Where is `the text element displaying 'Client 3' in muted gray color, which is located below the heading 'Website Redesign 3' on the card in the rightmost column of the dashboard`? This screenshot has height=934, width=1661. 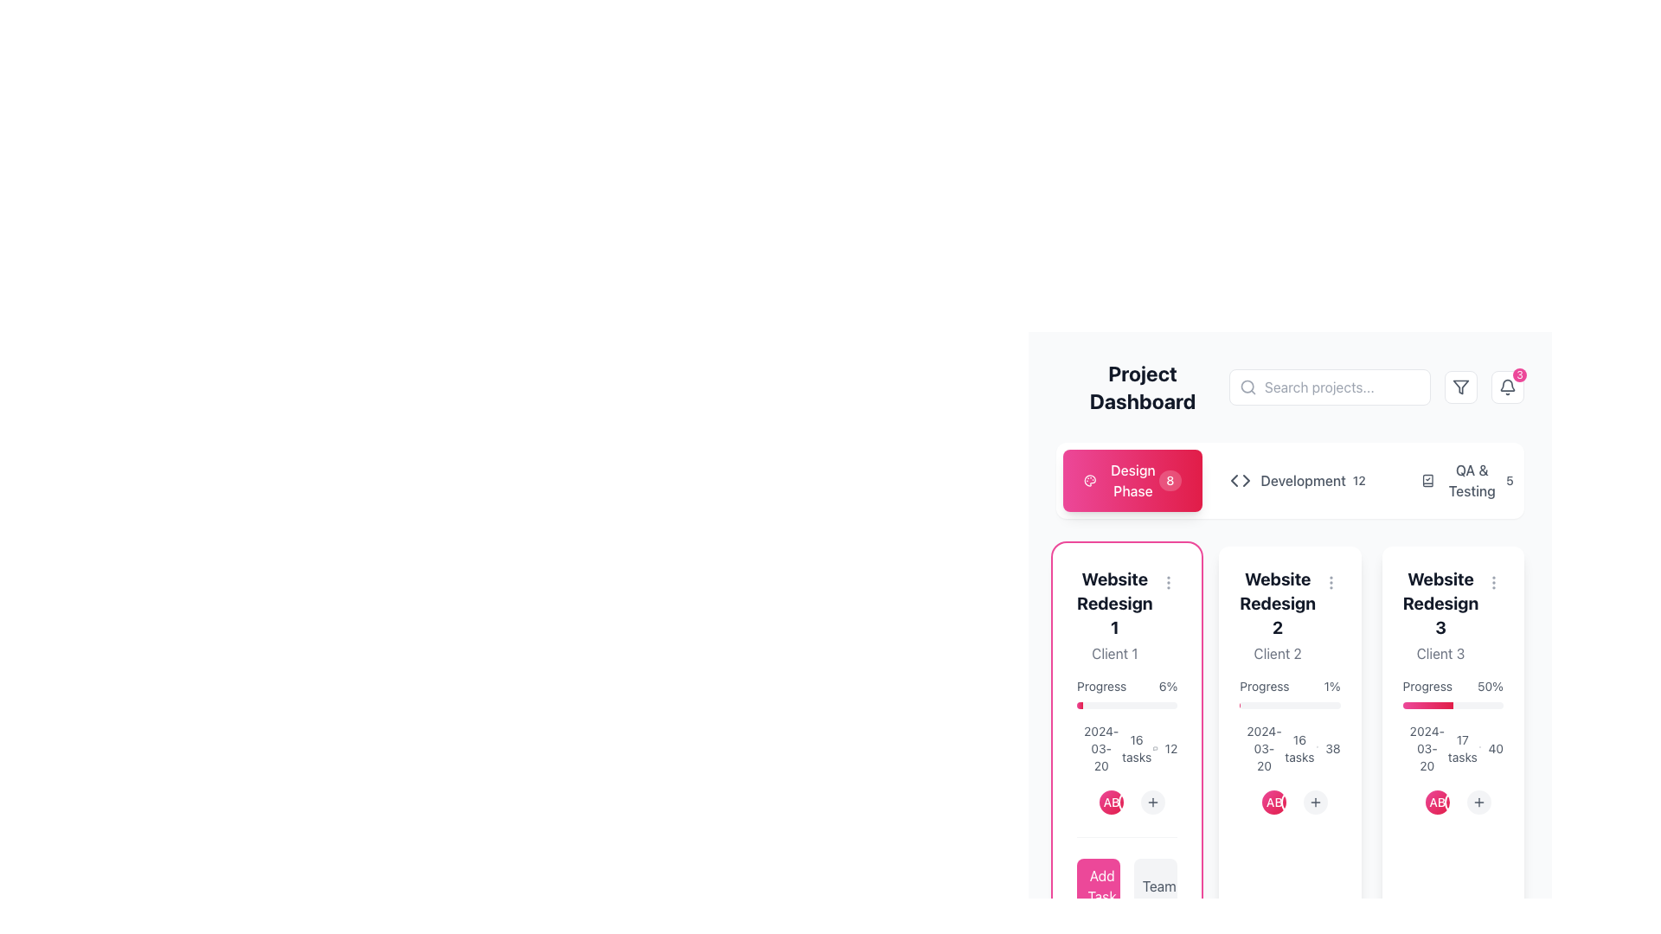
the text element displaying 'Client 3' in muted gray color, which is located below the heading 'Website Redesign 3' on the card in the rightmost column of the dashboard is located at coordinates (1440, 654).